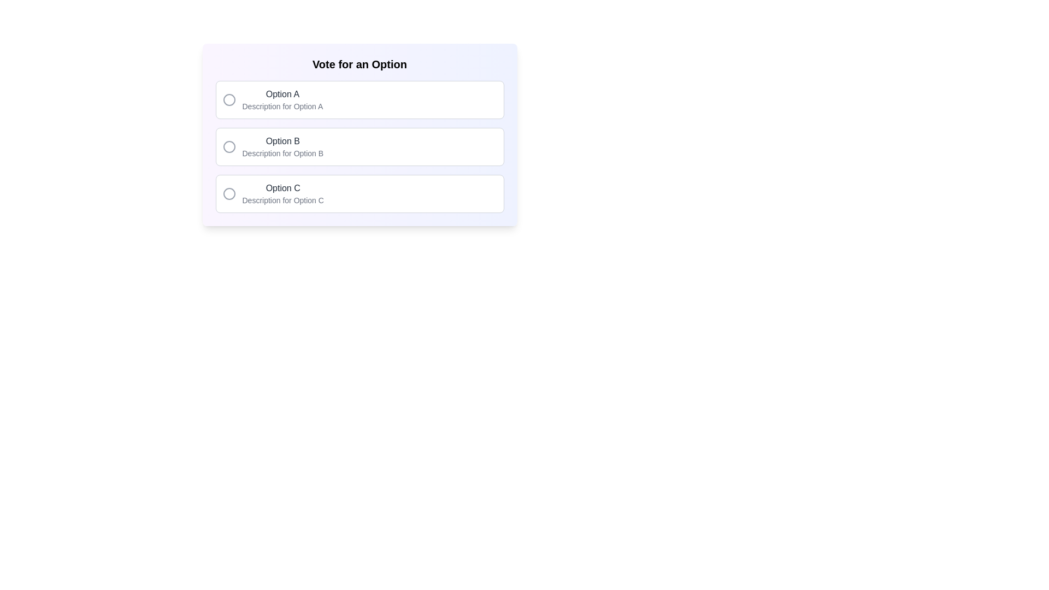 This screenshot has width=1049, height=590. I want to click on the text label that provides information for selecting 'Option C' in the voting context, positioned as the third entry in a vertical list, so click(283, 193).